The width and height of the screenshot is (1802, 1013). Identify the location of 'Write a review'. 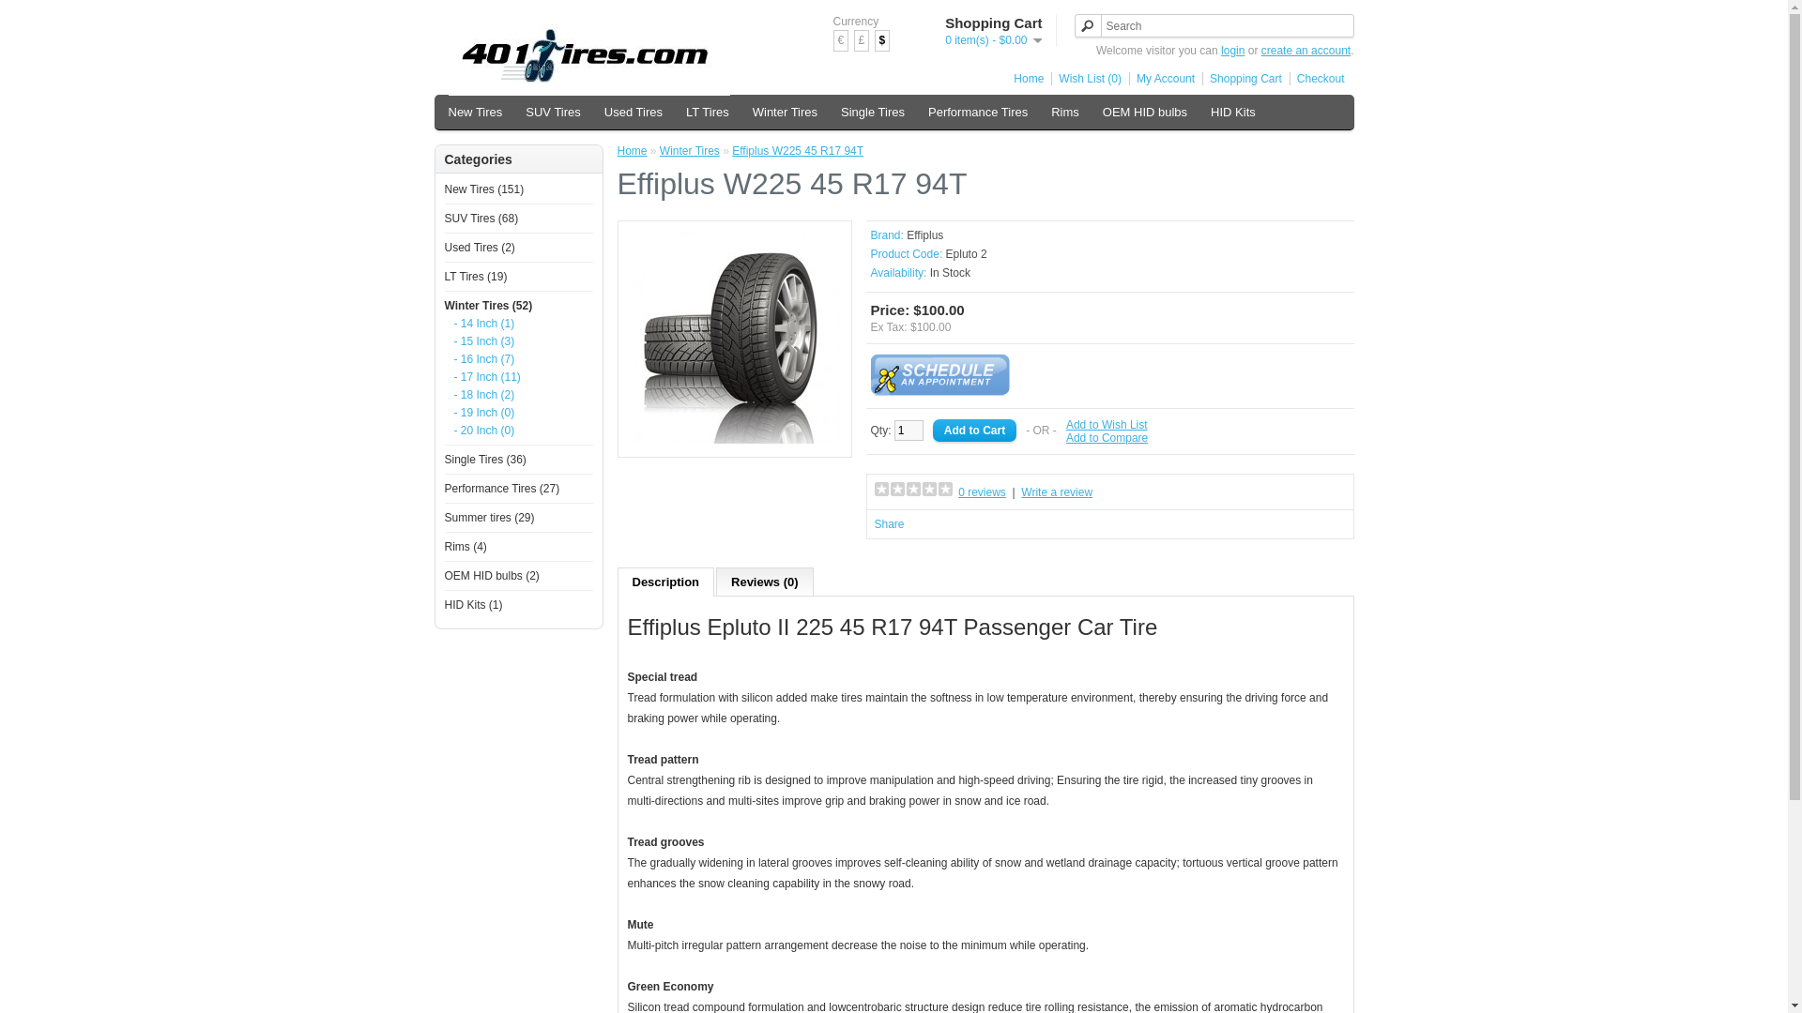
(1020, 491).